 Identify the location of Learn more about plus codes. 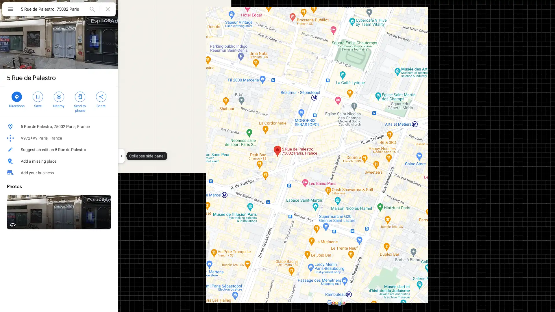
(111, 138).